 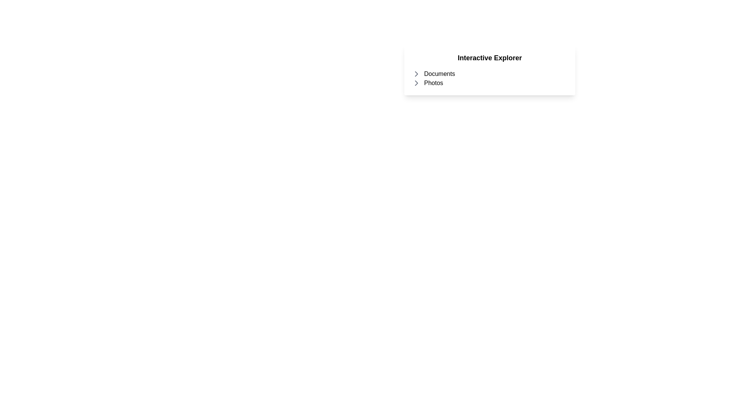 What do you see at coordinates (416, 83) in the screenshot?
I see `the chevron icon indicating navigation associated with the 'Photos' label, located near the heading within the Interactive Explorer interface` at bounding box center [416, 83].